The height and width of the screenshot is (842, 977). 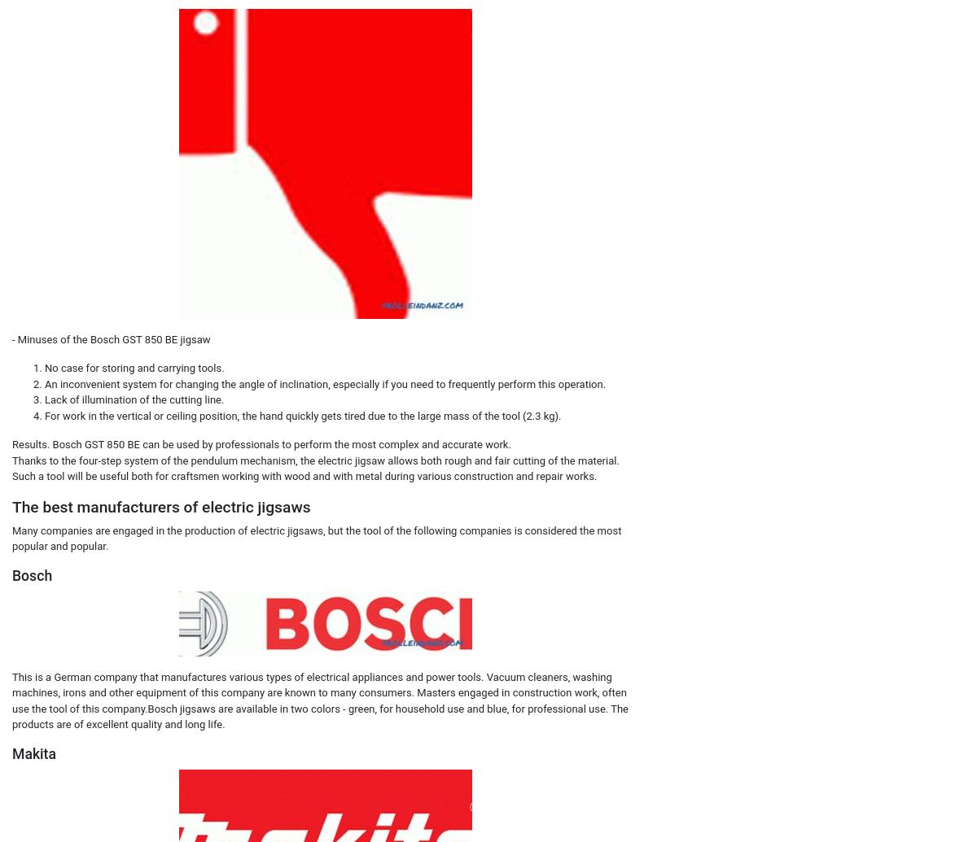 I want to click on 'Makita', so click(x=34, y=753).